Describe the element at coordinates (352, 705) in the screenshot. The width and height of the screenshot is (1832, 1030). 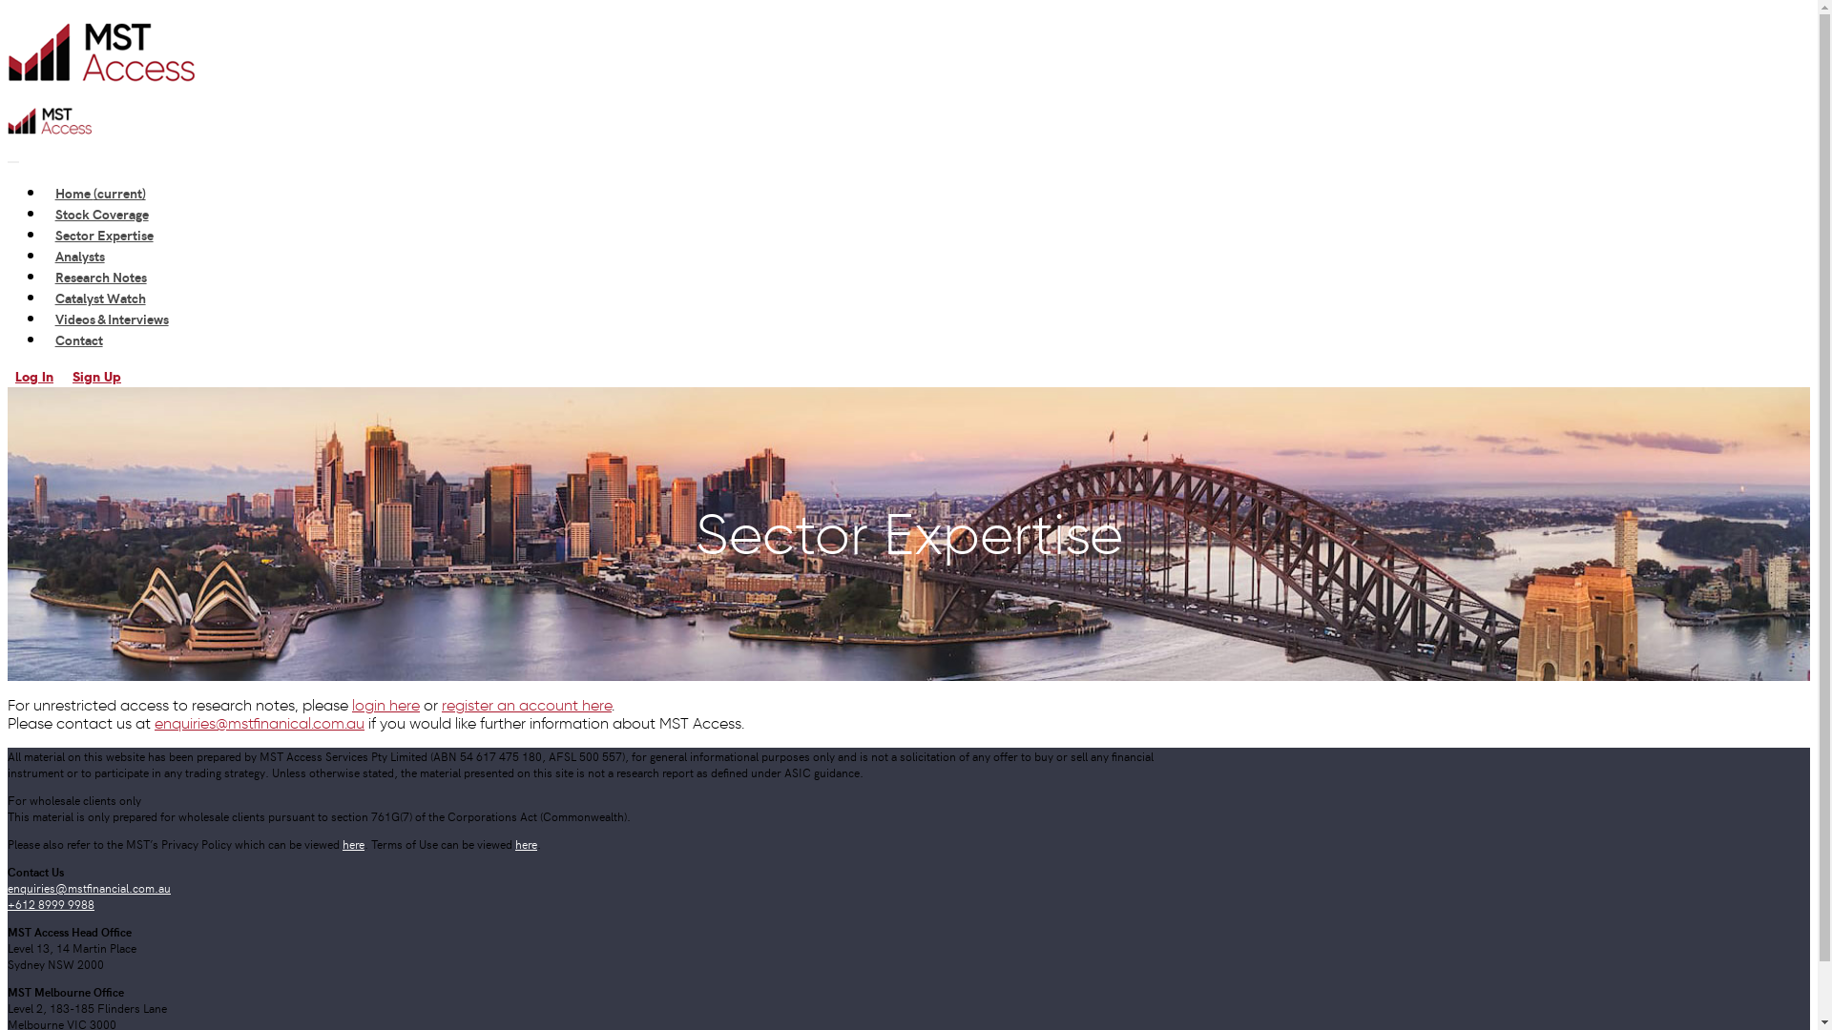
I see `'login here'` at that location.